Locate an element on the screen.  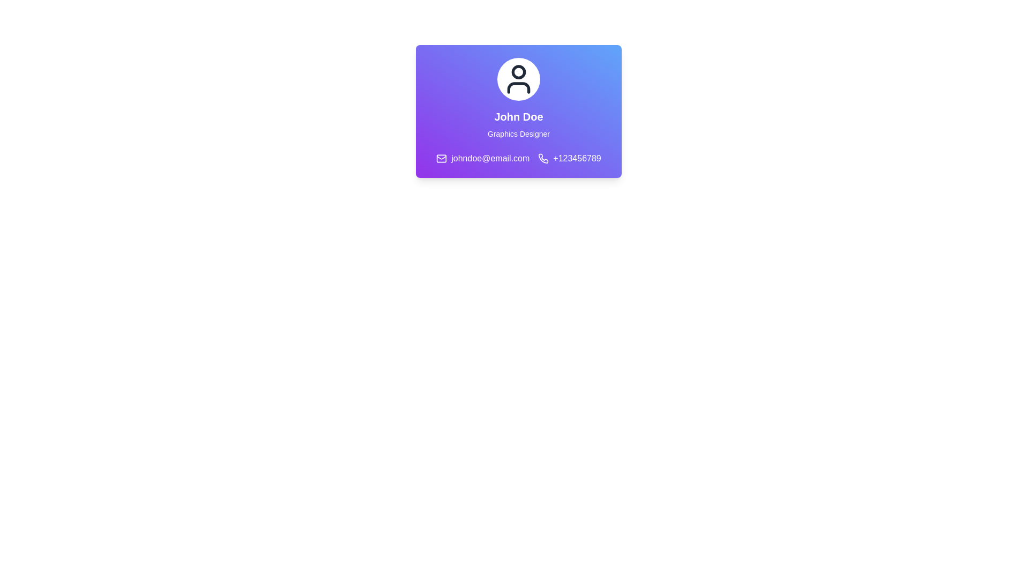
the mail envelope icon, which is a monochrome graphic with rounded corners located to the left of the email address 'johndoe@email.com.' is located at coordinates (442, 159).